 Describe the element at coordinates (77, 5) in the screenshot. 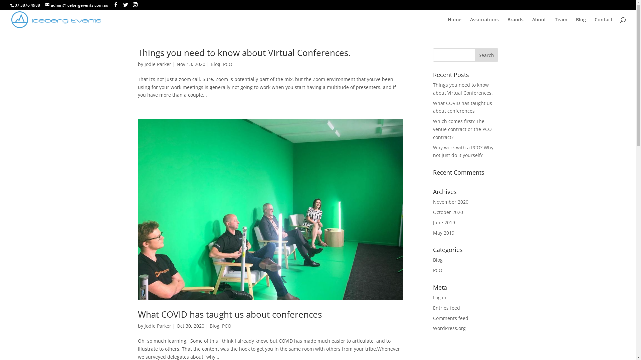

I see `'admin@icebergevents.com.au'` at that location.